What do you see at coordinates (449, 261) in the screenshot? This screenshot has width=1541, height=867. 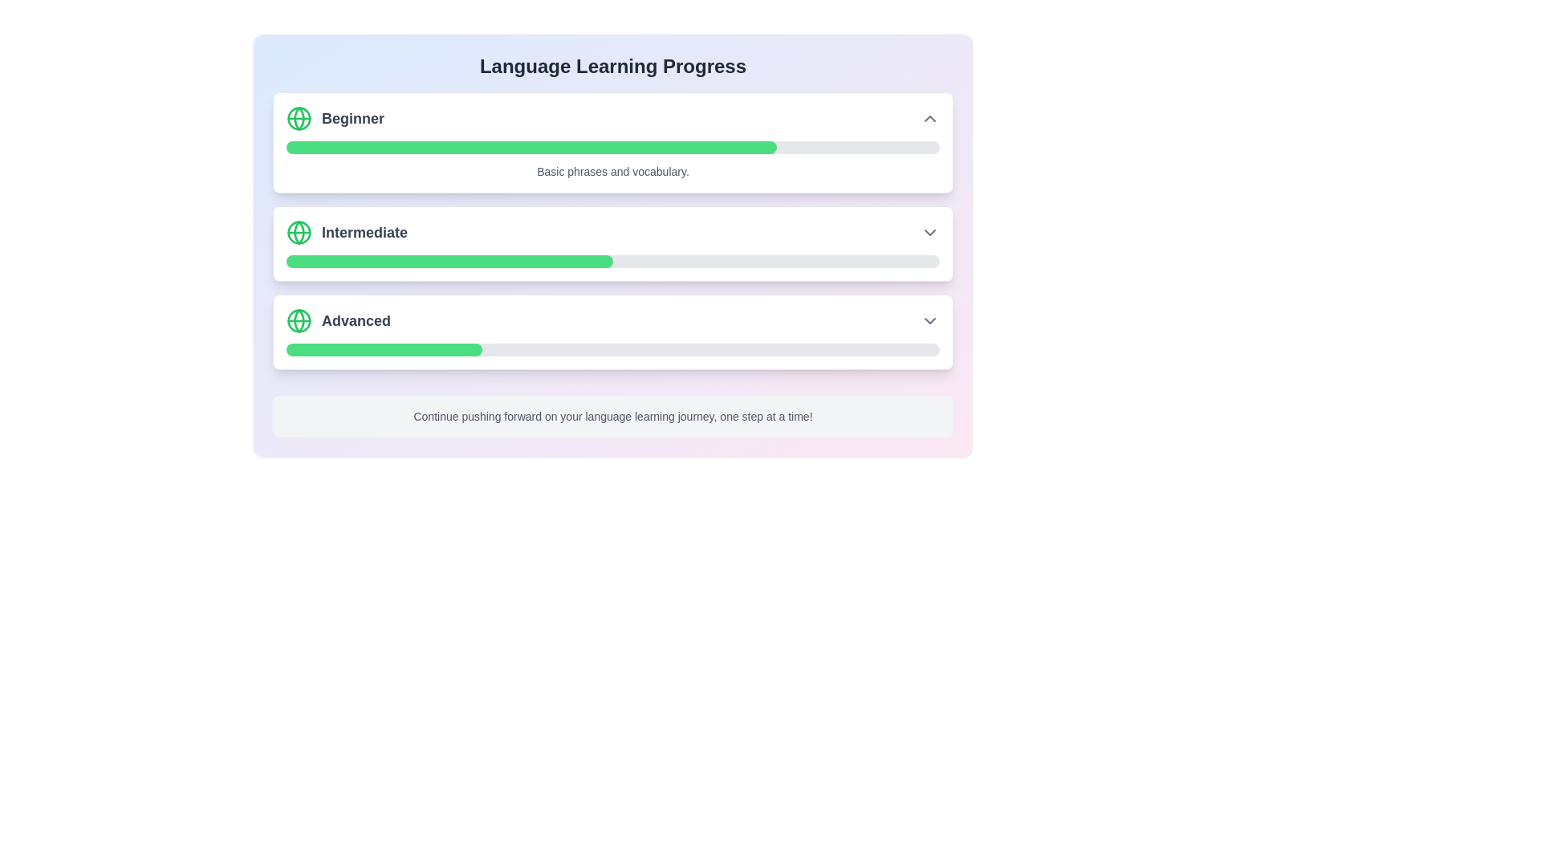 I see `the green progress bar indicating 50% completion within the gray background under the 'Intermediate' section` at bounding box center [449, 261].